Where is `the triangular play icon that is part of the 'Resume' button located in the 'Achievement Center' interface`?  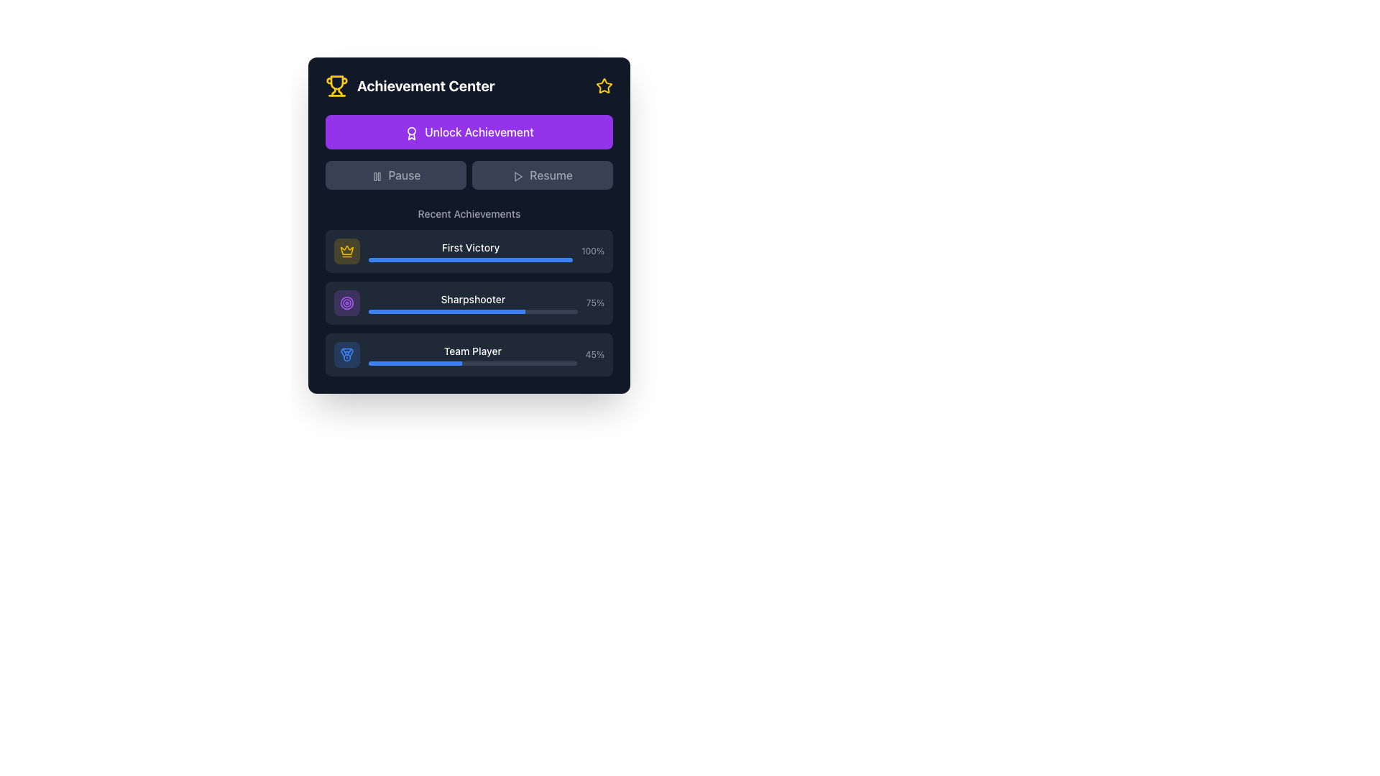
the triangular play icon that is part of the 'Resume' button located in the 'Achievement Center' interface is located at coordinates (517, 175).